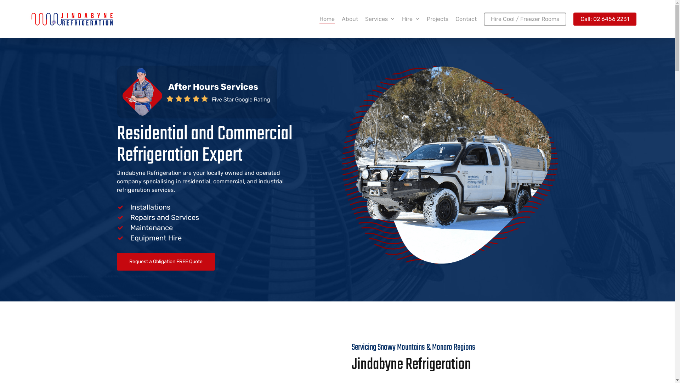 The height and width of the screenshot is (383, 680). Describe the element at coordinates (341, 19) in the screenshot. I see `'About'` at that location.